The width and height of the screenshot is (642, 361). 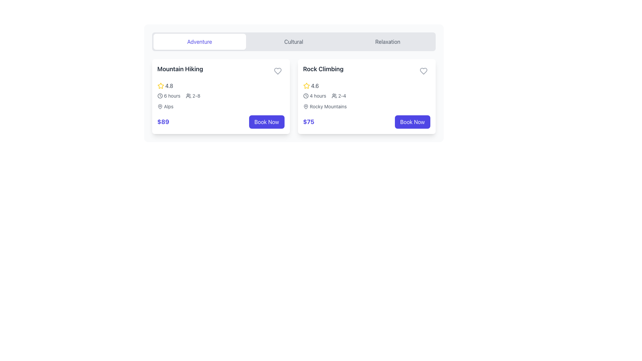 I want to click on the '4 hours' text label that indicates the duration of the activity in the 'Rock Climbing' card, which is part of the 'flex items-center' div and is positioned below the rating and above the participant count, so click(x=317, y=96).